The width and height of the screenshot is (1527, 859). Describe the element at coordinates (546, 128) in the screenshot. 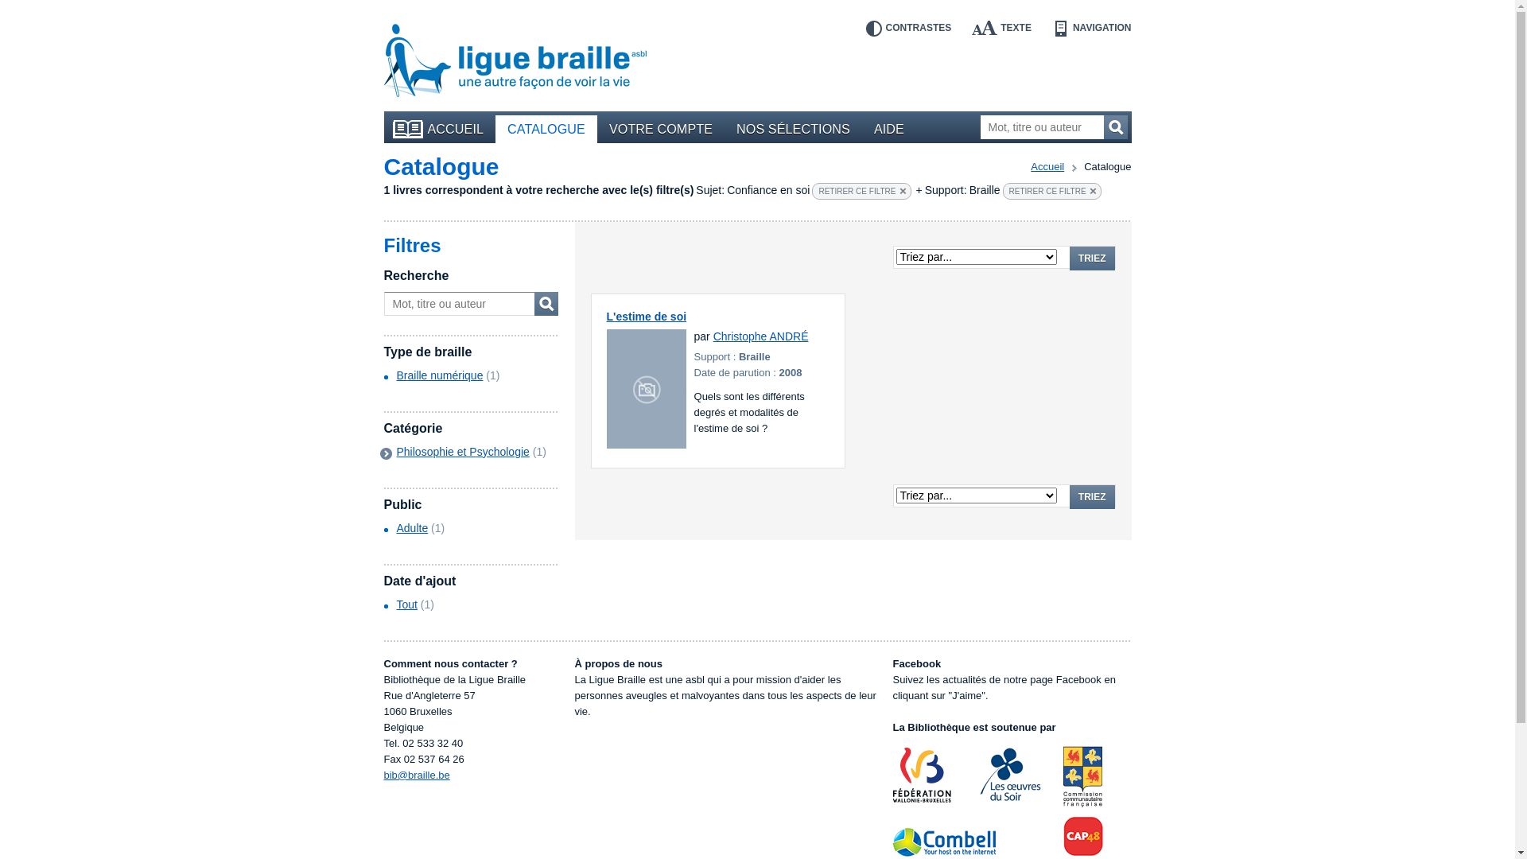

I see `'CATALOGUE'` at that location.